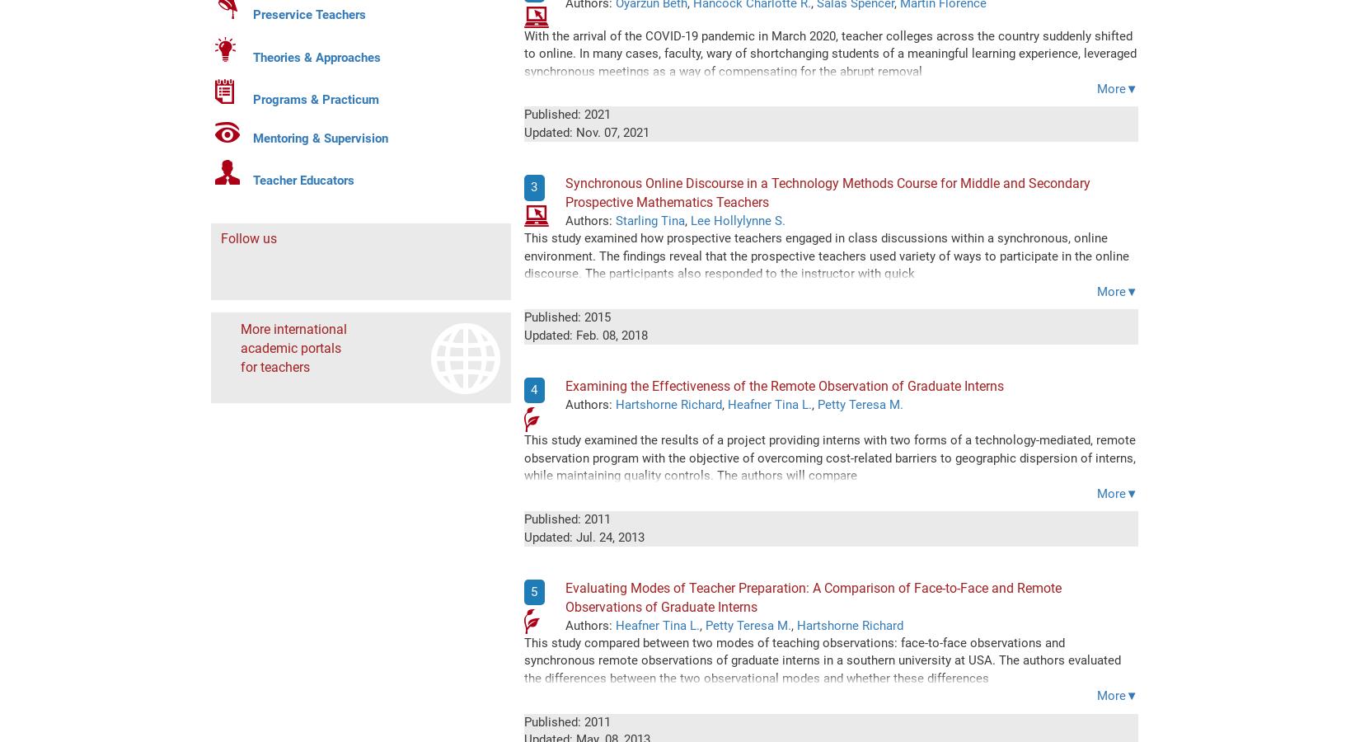 This screenshot has height=742, width=1360. Describe the element at coordinates (596, 114) in the screenshot. I see `'2021'` at that location.